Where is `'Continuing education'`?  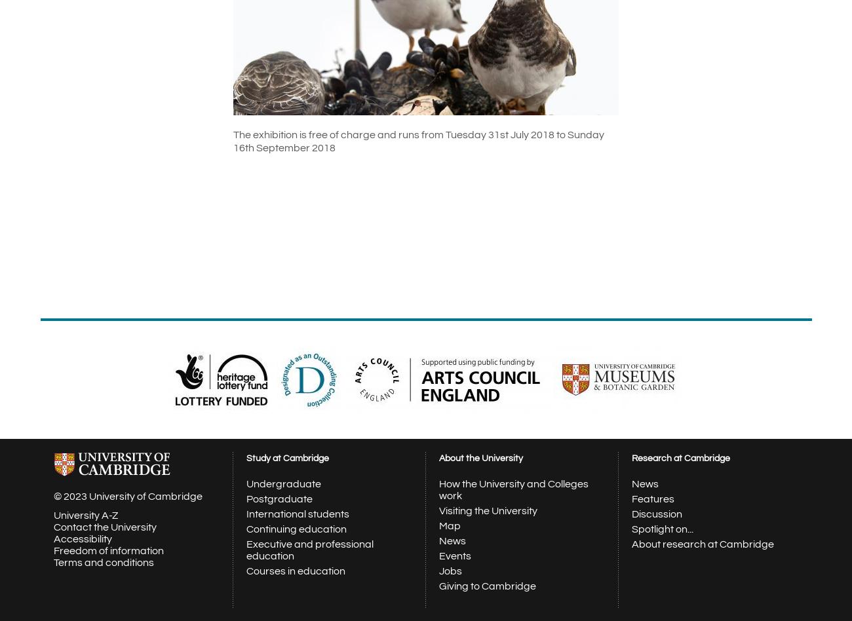 'Continuing education' is located at coordinates (295, 529).